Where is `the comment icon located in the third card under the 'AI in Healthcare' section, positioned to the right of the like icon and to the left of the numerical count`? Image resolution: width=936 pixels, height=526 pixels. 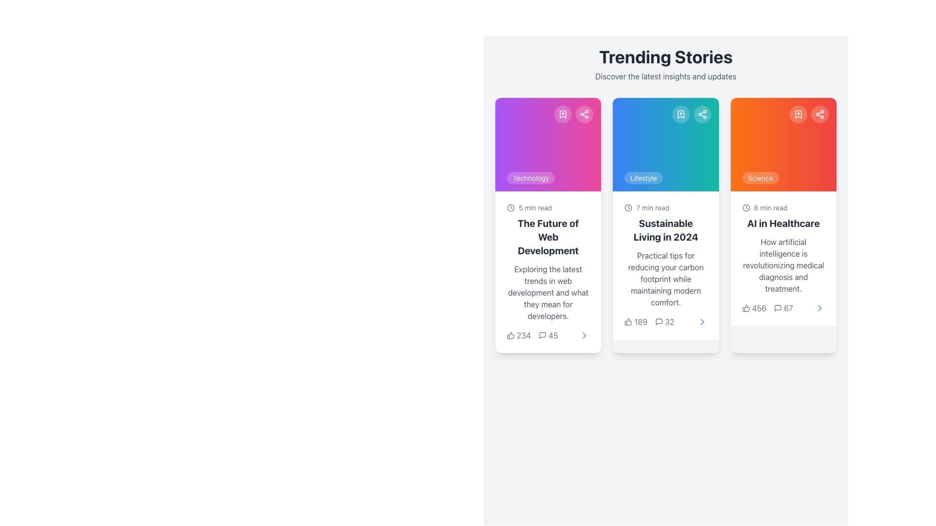 the comment icon located in the third card under the 'AI in Healthcare' section, positioned to the right of the like icon and to the left of the numerical count is located at coordinates (778, 308).